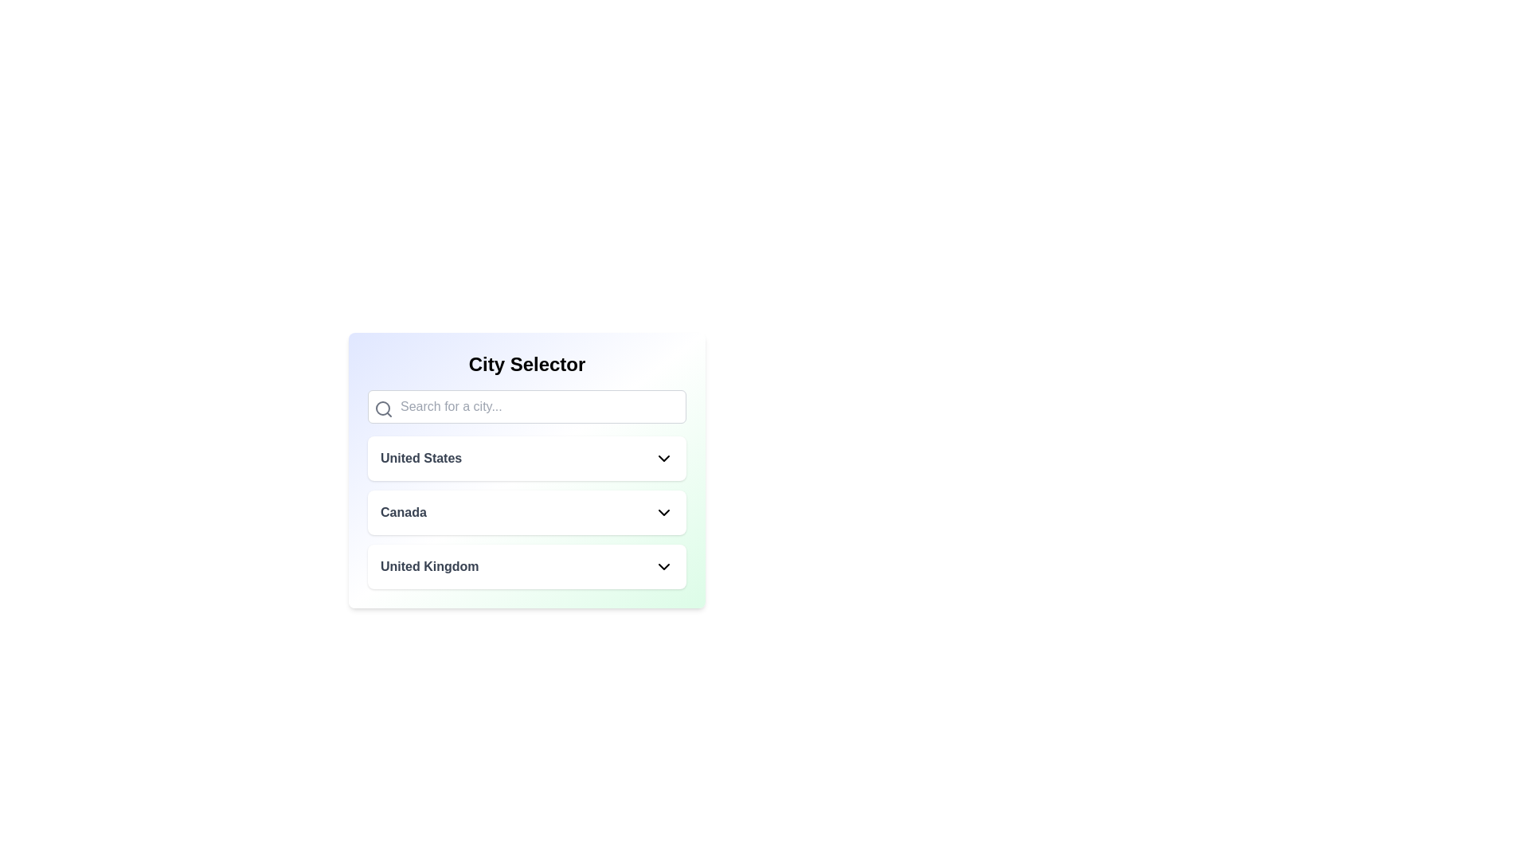 This screenshot has width=1529, height=860. What do you see at coordinates (527, 365) in the screenshot?
I see `the 'City Selector' text label, which is styled prominently as a header component in a large bold font at the top of the city selection interface` at bounding box center [527, 365].